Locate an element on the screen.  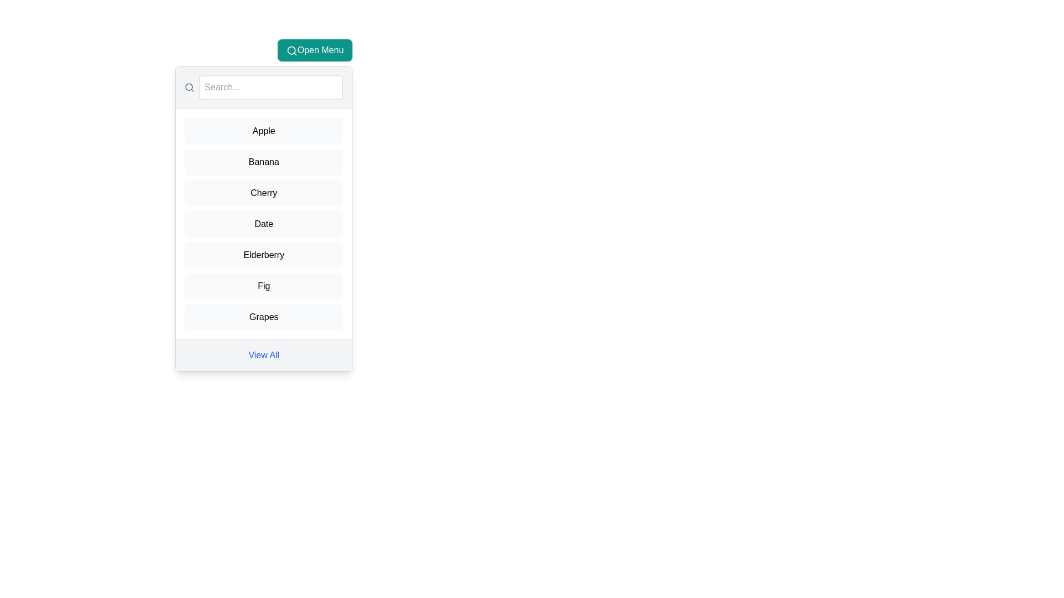
the teal-colored 'Open Menu' button with white text and a search icon on the left is located at coordinates (314, 50).